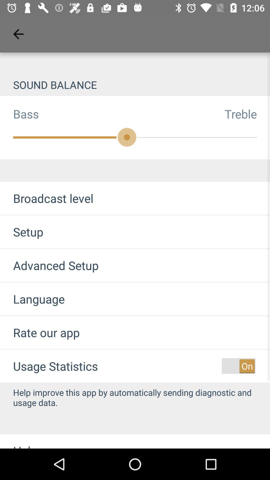 The height and width of the screenshot is (480, 270). What do you see at coordinates (55, 366) in the screenshot?
I see `item below the rate our app` at bounding box center [55, 366].